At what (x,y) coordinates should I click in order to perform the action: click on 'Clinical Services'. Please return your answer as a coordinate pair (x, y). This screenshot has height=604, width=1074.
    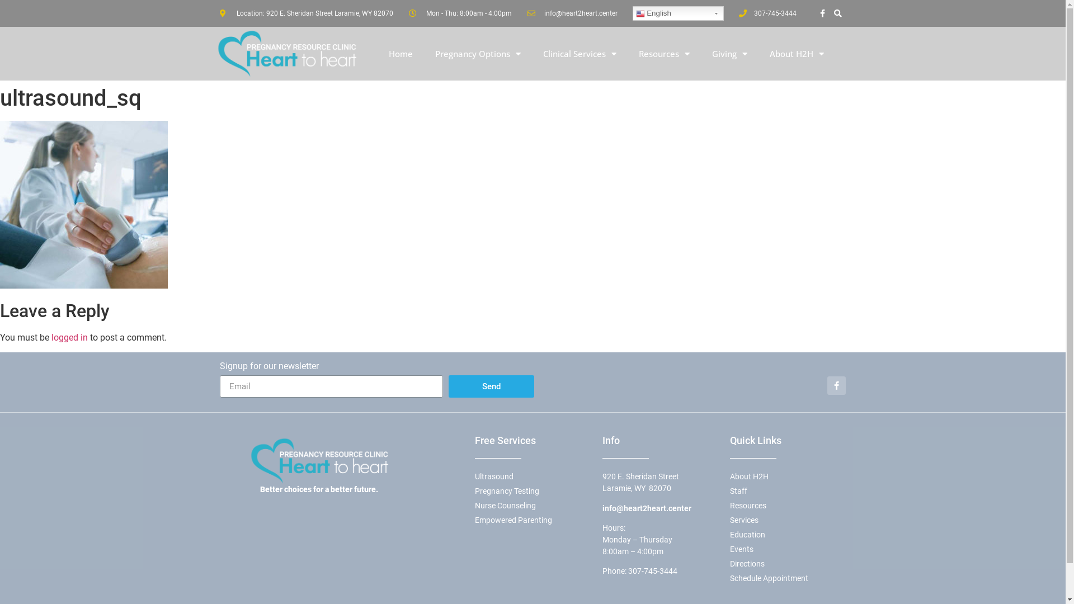
    Looking at the image, I should click on (580, 54).